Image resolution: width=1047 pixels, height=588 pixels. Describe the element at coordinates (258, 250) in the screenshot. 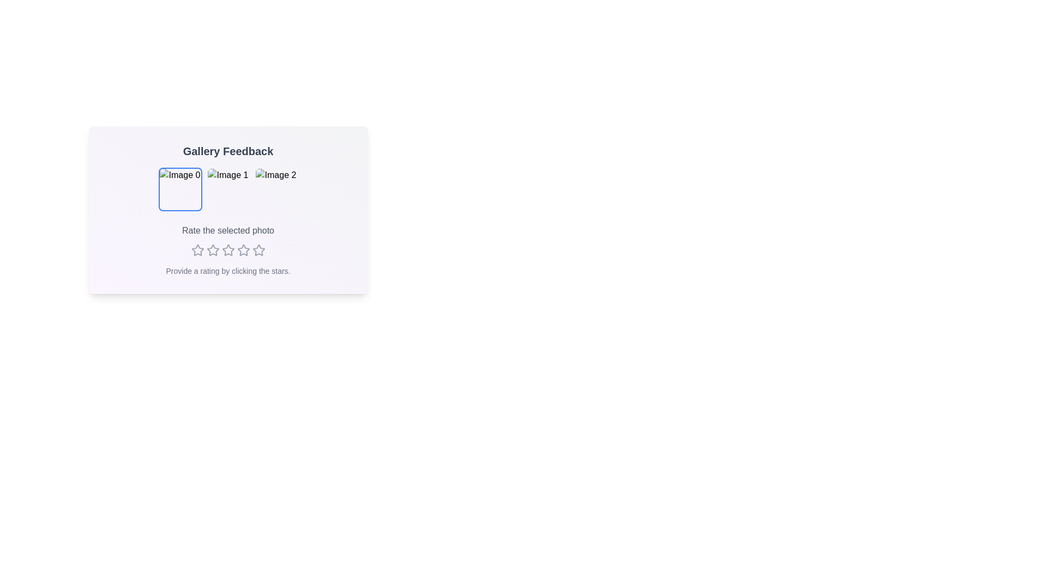

I see `the fifth star icon in the rating array to give the maximum rating for the selected photo` at that location.